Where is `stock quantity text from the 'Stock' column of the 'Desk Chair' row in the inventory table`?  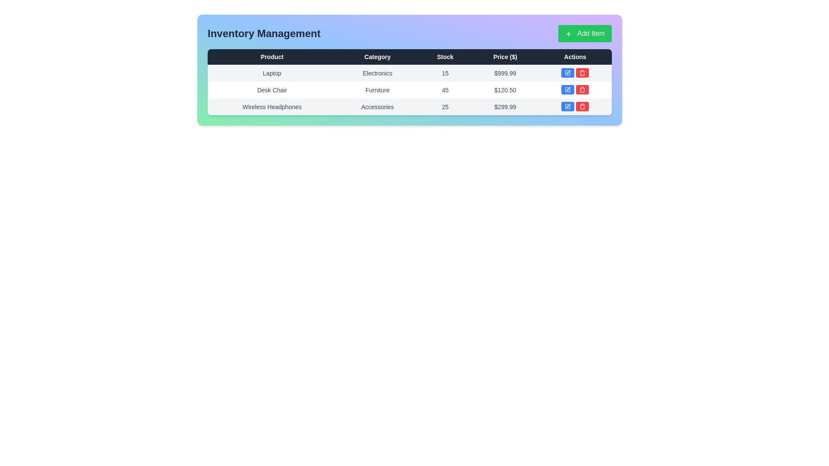 stock quantity text from the 'Stock' column of the 'Desk Chair' row in the inventory table is located at coordinates (445, 90).